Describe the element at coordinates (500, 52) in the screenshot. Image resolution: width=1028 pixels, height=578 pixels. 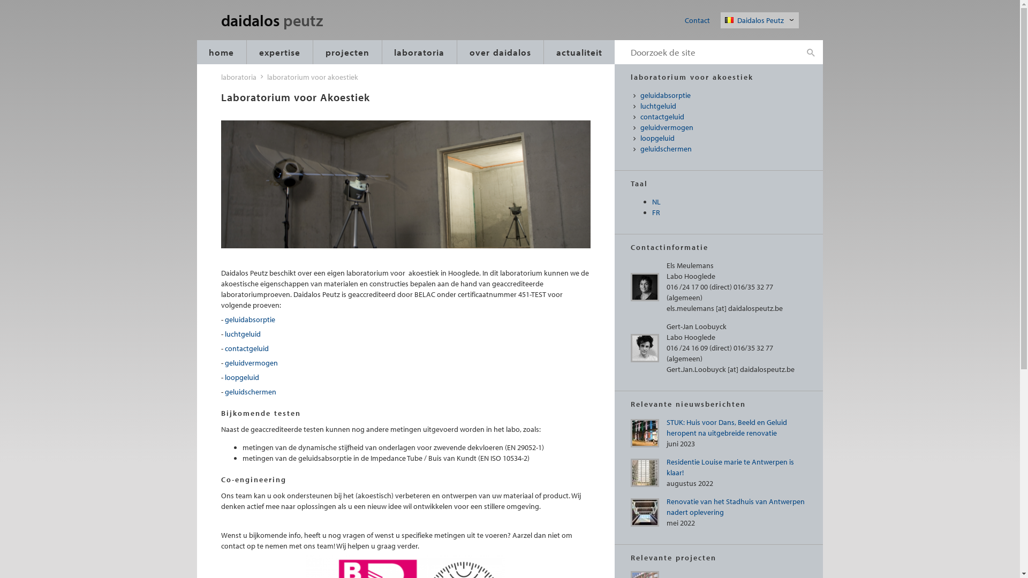
I see `'over daidalos'` at that location.